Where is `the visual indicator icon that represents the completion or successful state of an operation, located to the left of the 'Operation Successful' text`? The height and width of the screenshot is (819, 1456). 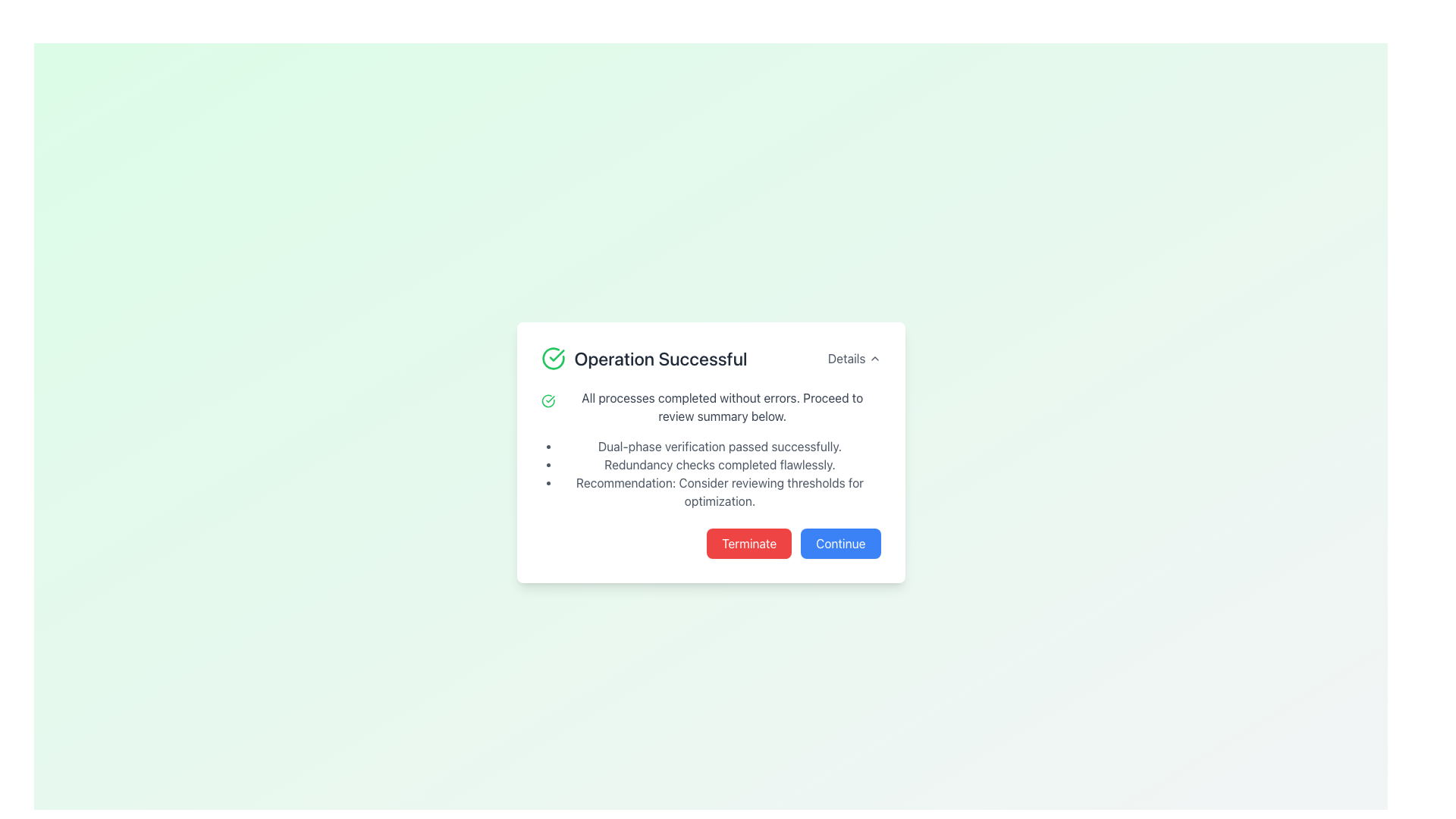 the visual indicator icon that represents the completion or successful state of an operation, located to the left of the 'Operation Successful' text is located at coordinates (547, 400).